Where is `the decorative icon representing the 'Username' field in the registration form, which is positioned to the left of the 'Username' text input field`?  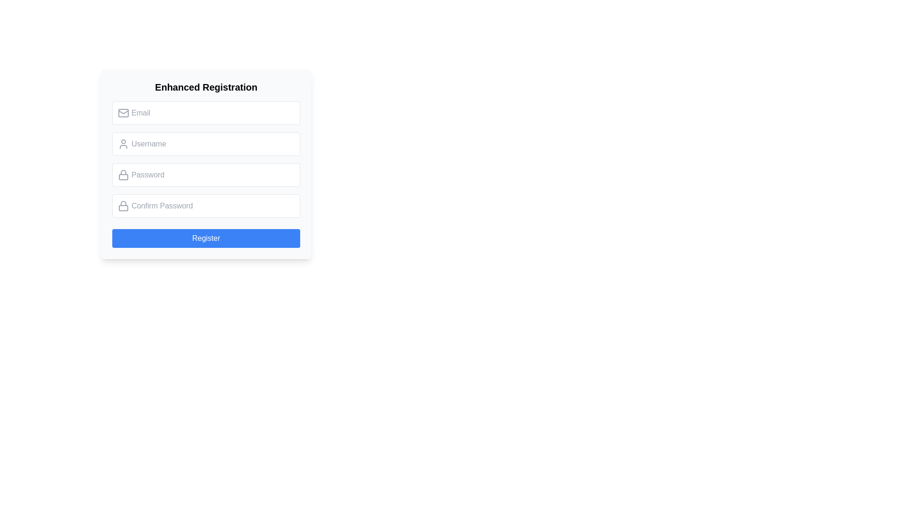
the decorative icon representing the 'Username' field in the registration form, which is positioned to the left of the 'Username' text input field is located at coordinates (123, 144).